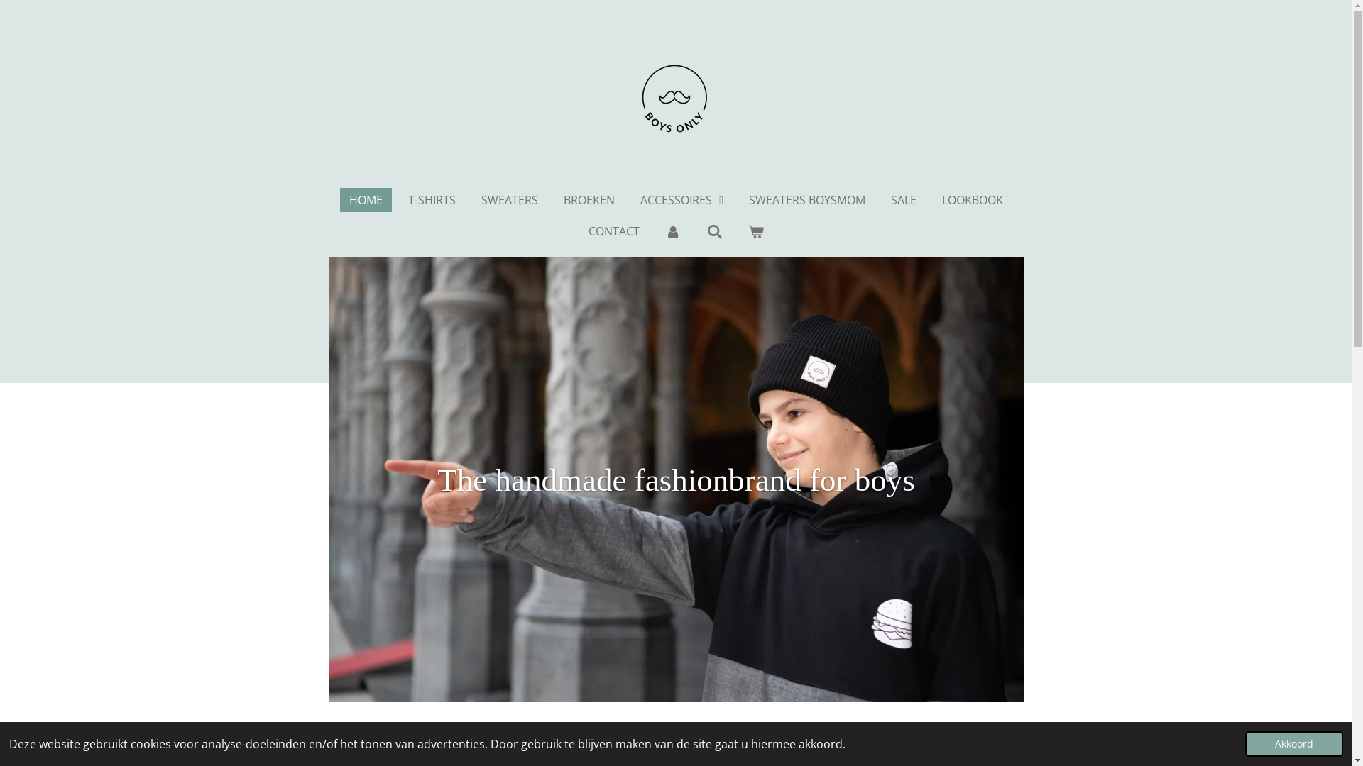  What do you see at coordinates (472, 199) in the screenshot?
I see `'SWEATERS'` at bounding box center [472, 199].